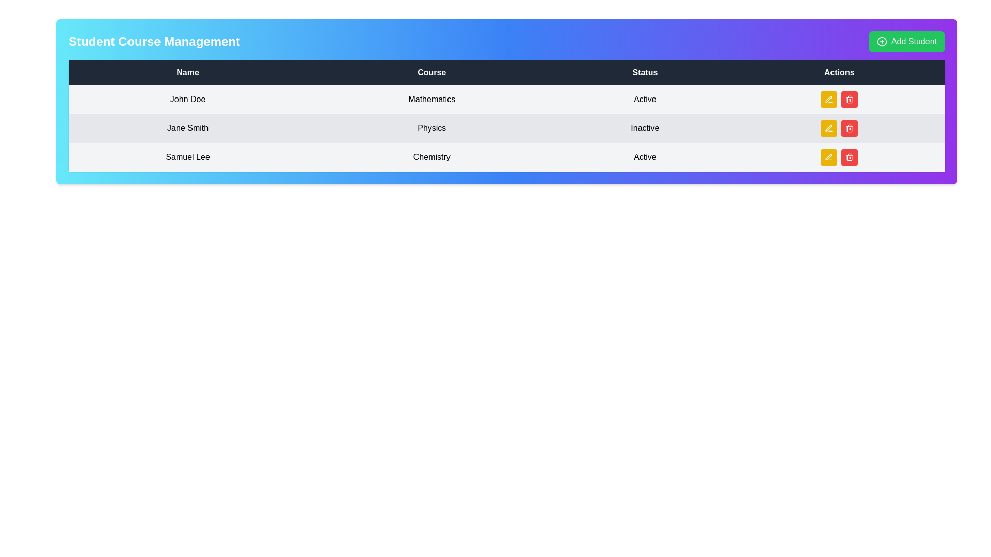 This screenshot has width=991, height=557. I want to click on the delete button in the Actions column for Jane Smith's record in the Student Course Management interface, located next to the Inactive status, so click(839, 128).